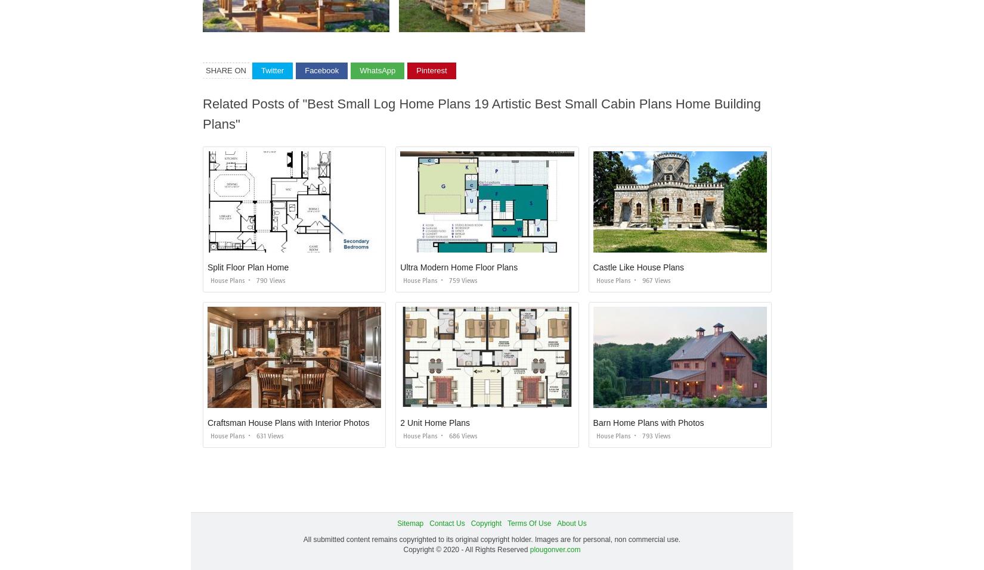 The height and width of the screenshot is (570, 984). What do you see at coordinates (446, 524) in the screenshot?
I see `'Contact Us'` at bounding box center [446, 524].